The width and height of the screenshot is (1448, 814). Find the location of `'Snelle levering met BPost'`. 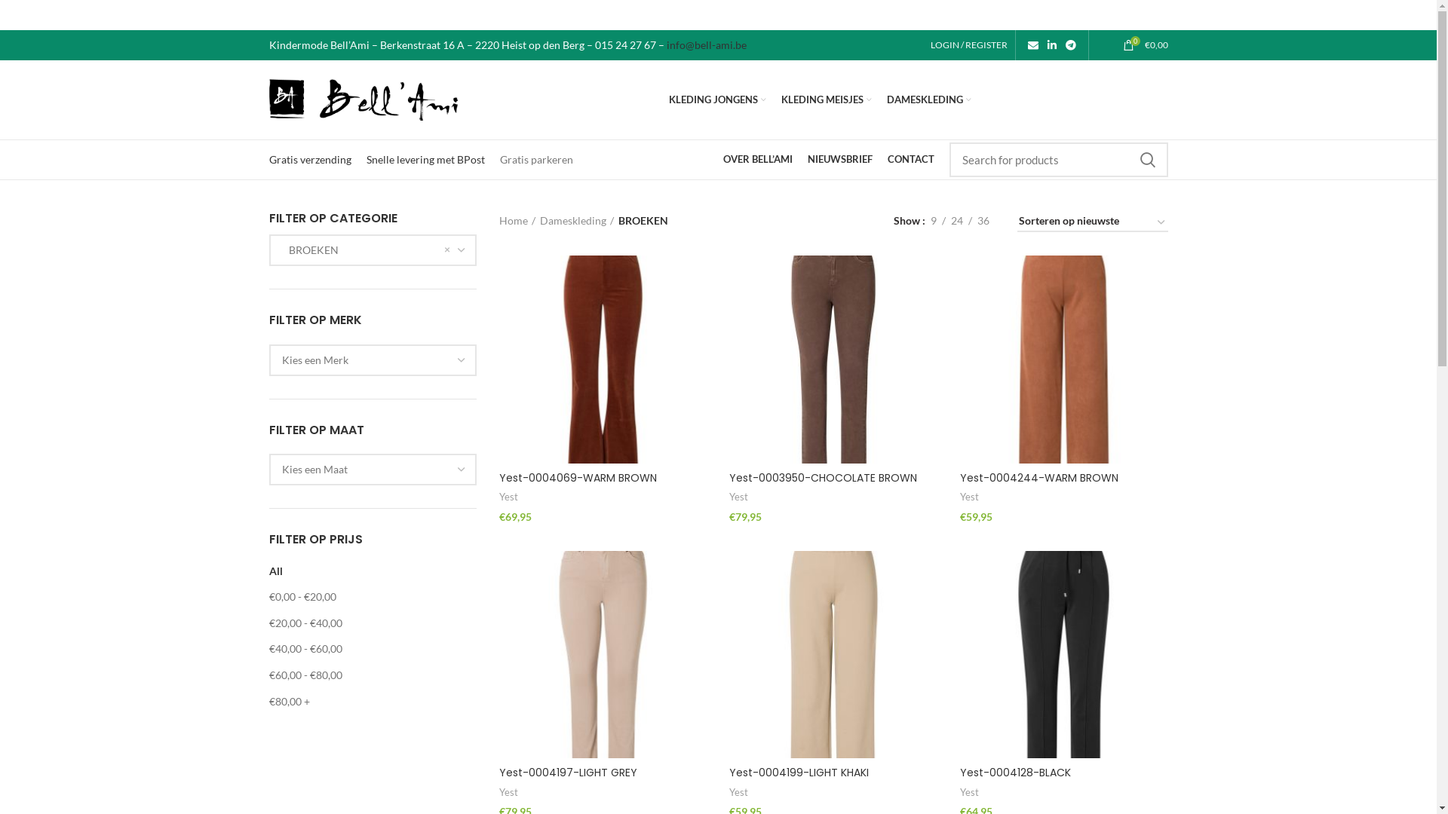

'Snelle levering met BPost' is located at coordinates (366, 159).